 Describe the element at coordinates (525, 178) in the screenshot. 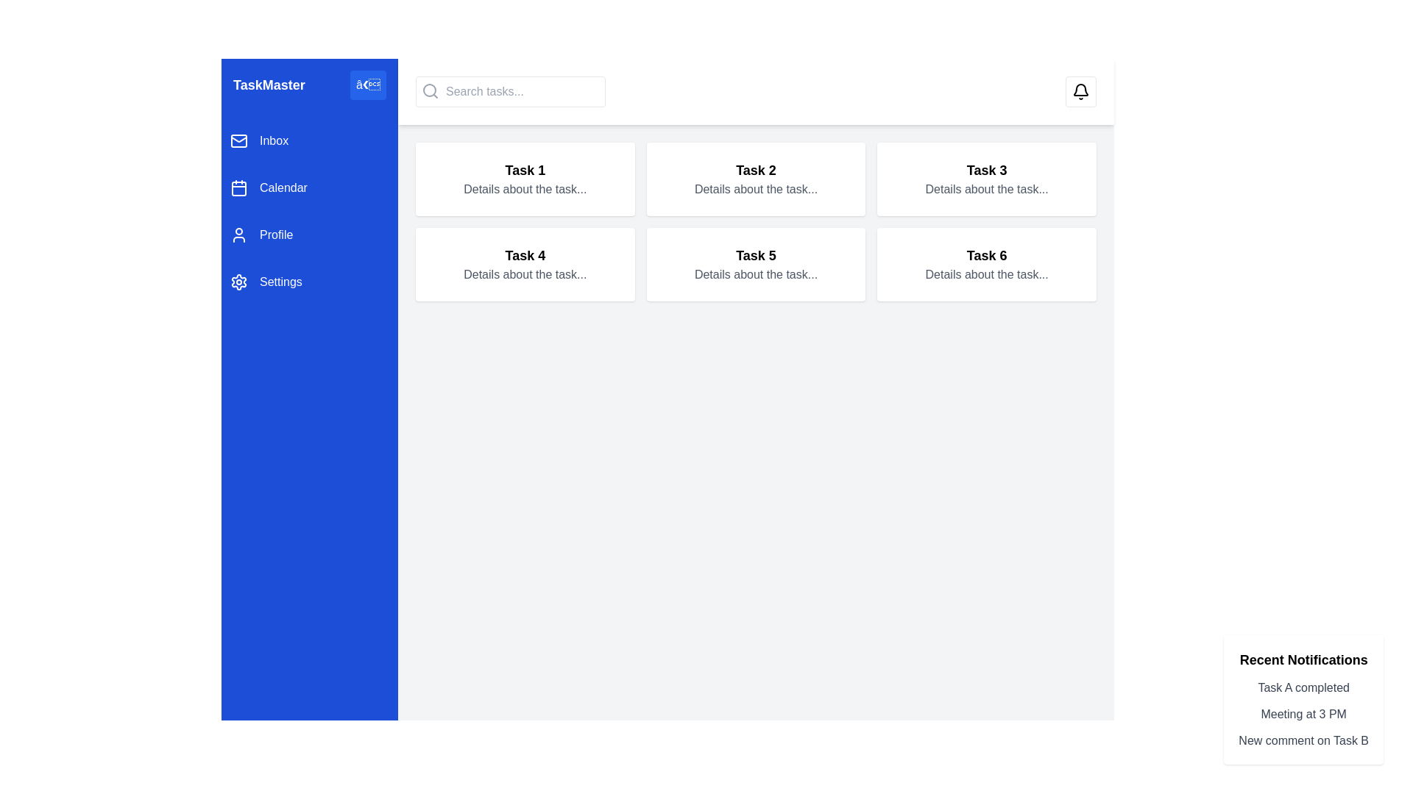

I see `the first task card, which has a white background, rounded corners, and contains the text 'Task 1' at the top` at that location.